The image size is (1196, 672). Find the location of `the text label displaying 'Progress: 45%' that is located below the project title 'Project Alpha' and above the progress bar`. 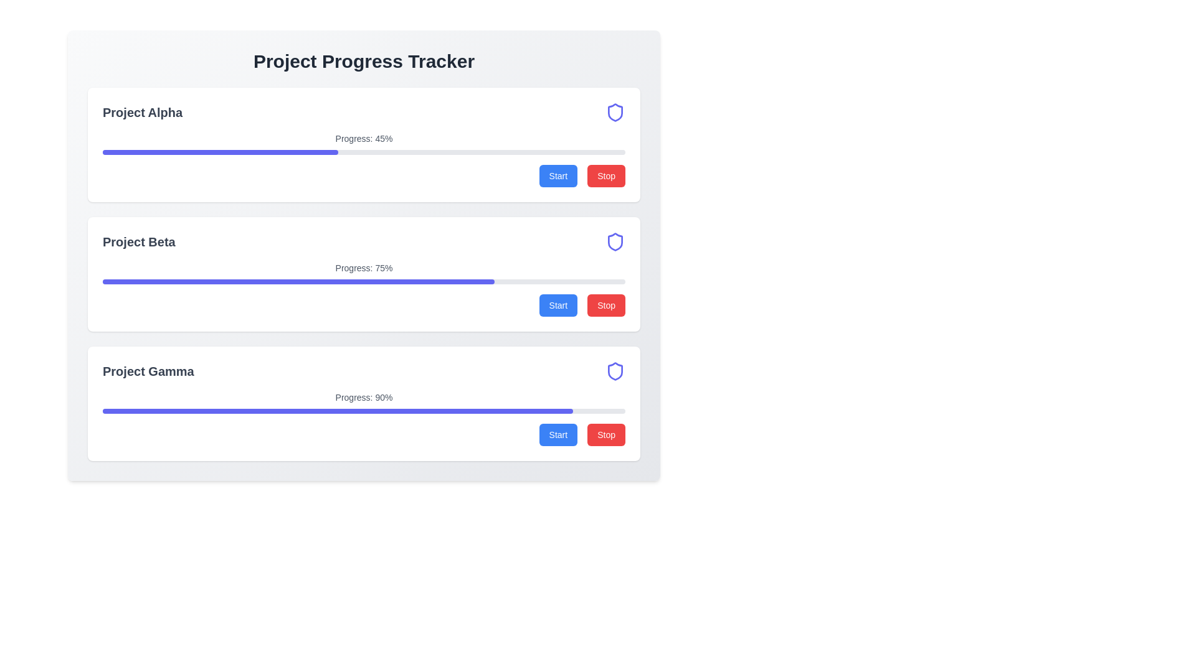

the text label displaying 'Progress: 45%' that is located below the project title 'Project Alpha' and above the progress bar is located at coordinates (363, 139).